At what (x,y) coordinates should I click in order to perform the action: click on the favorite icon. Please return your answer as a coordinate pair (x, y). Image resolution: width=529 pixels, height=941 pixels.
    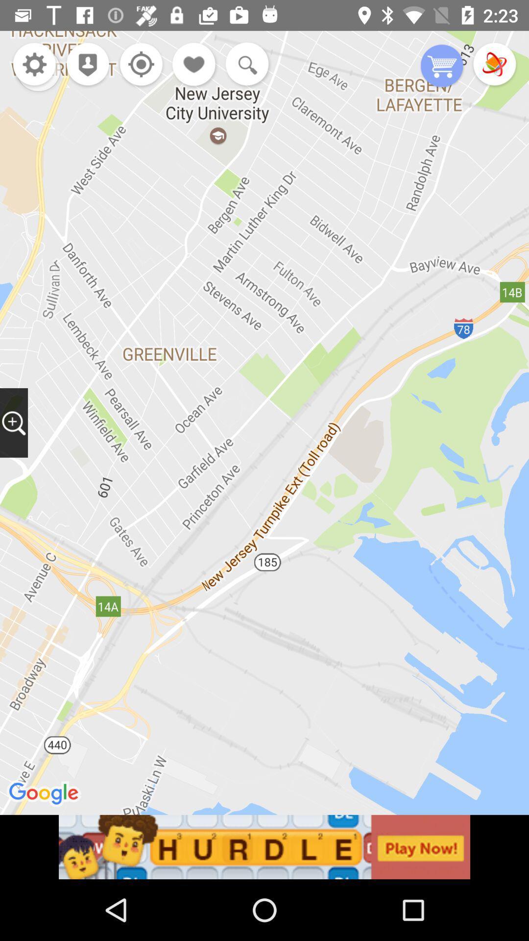
    Looking at the image, I should click on (194, 65).